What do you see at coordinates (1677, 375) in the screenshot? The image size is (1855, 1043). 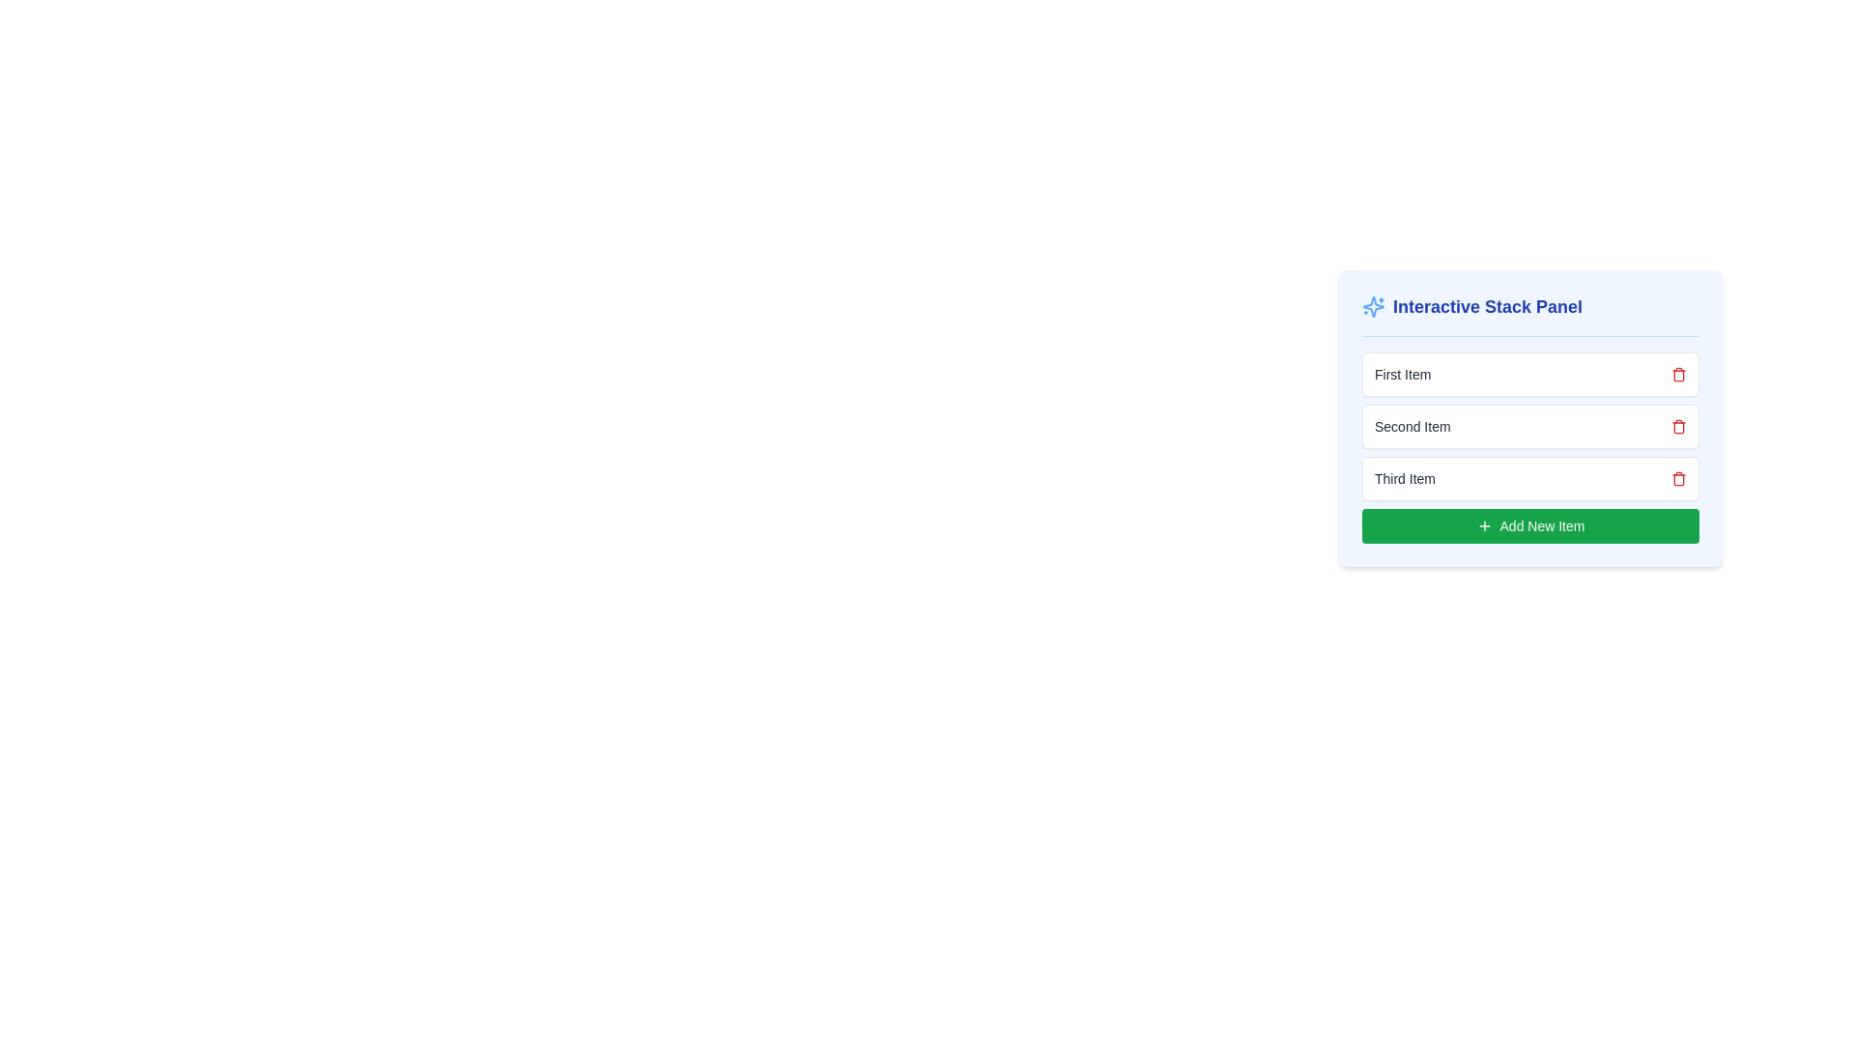 I see `the red trash bin icon located to the far right of the 'First Item' entry in the list panel` at bounding box center [1677, 375].